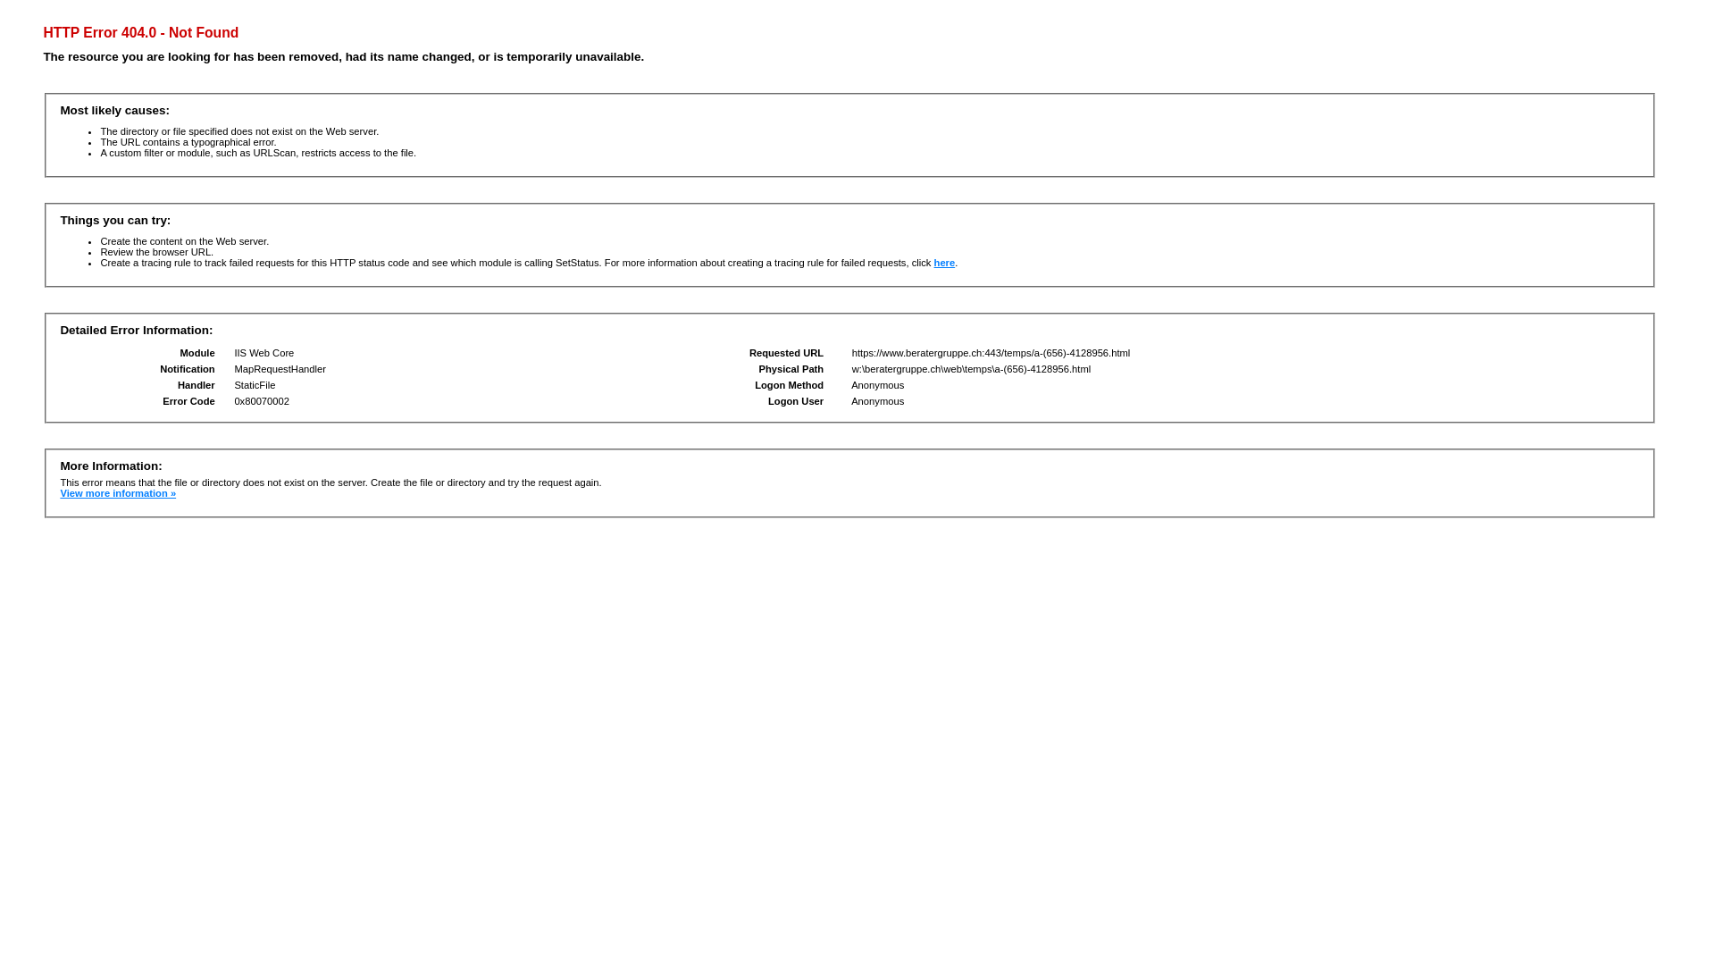 This screenshot has width=1715, height=965. What do you see at coordinates (943, 262) in the screenshot?
I see `'here'` at bounding box center [943, 262].